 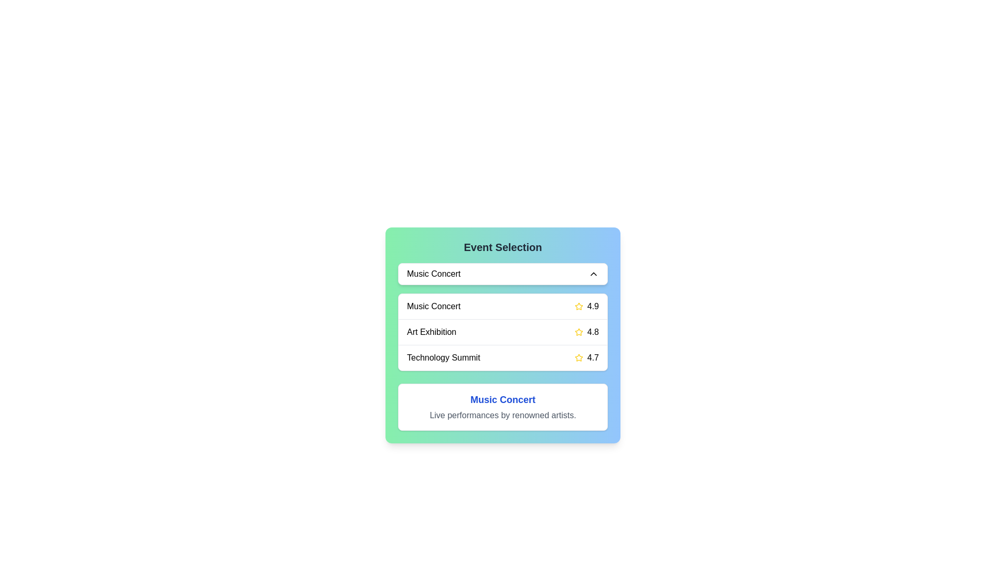 What do you see at coordinates (586, 332) in the screenshot?
I see `the Rating component that features a yellow star icon followed by the numerical rating '4.8', located beside the text 'Art Exhibition' in the second row of the list` at bounding box center [586, 332].